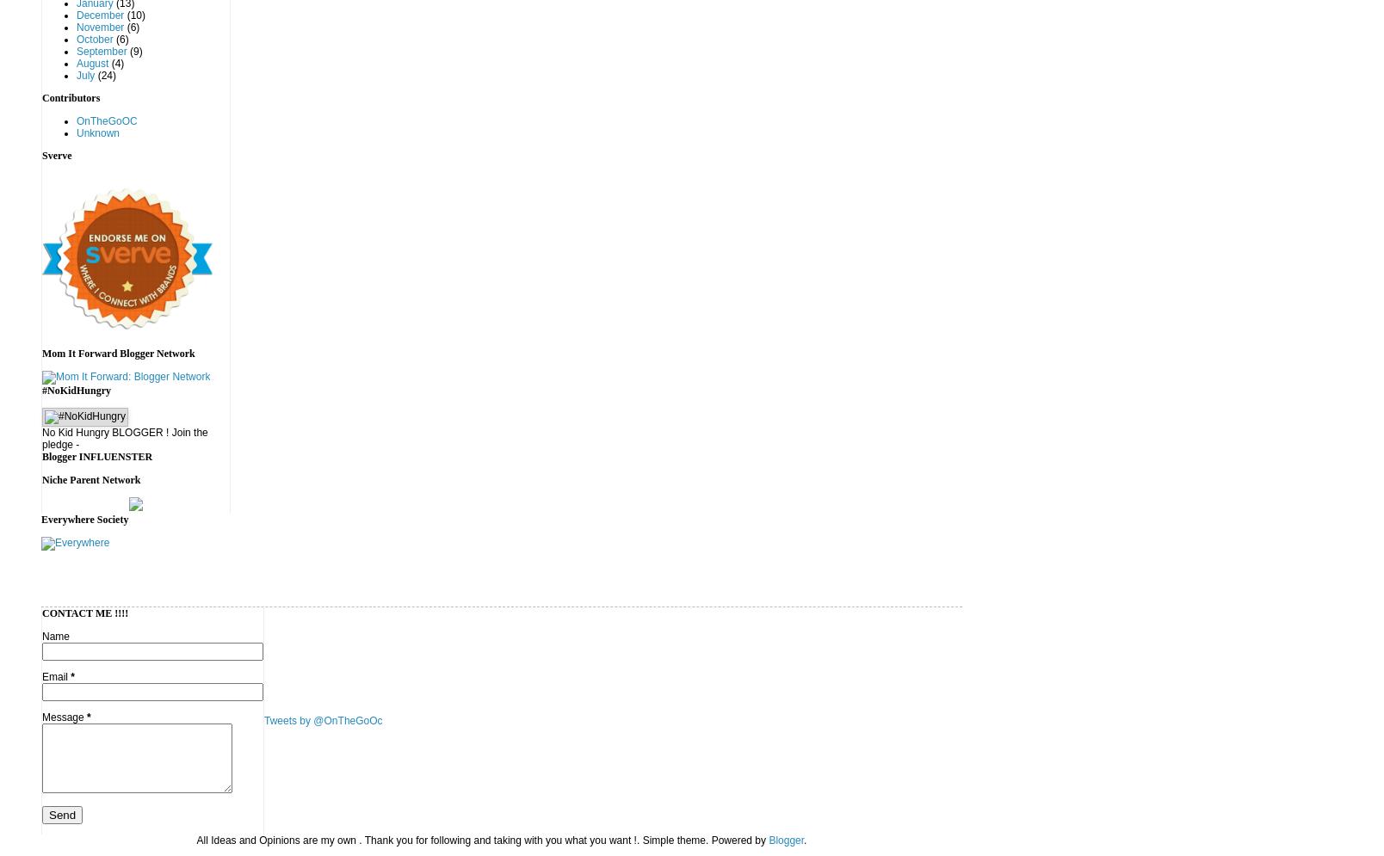  I want to click on 'Unknown', so click(76, 133).